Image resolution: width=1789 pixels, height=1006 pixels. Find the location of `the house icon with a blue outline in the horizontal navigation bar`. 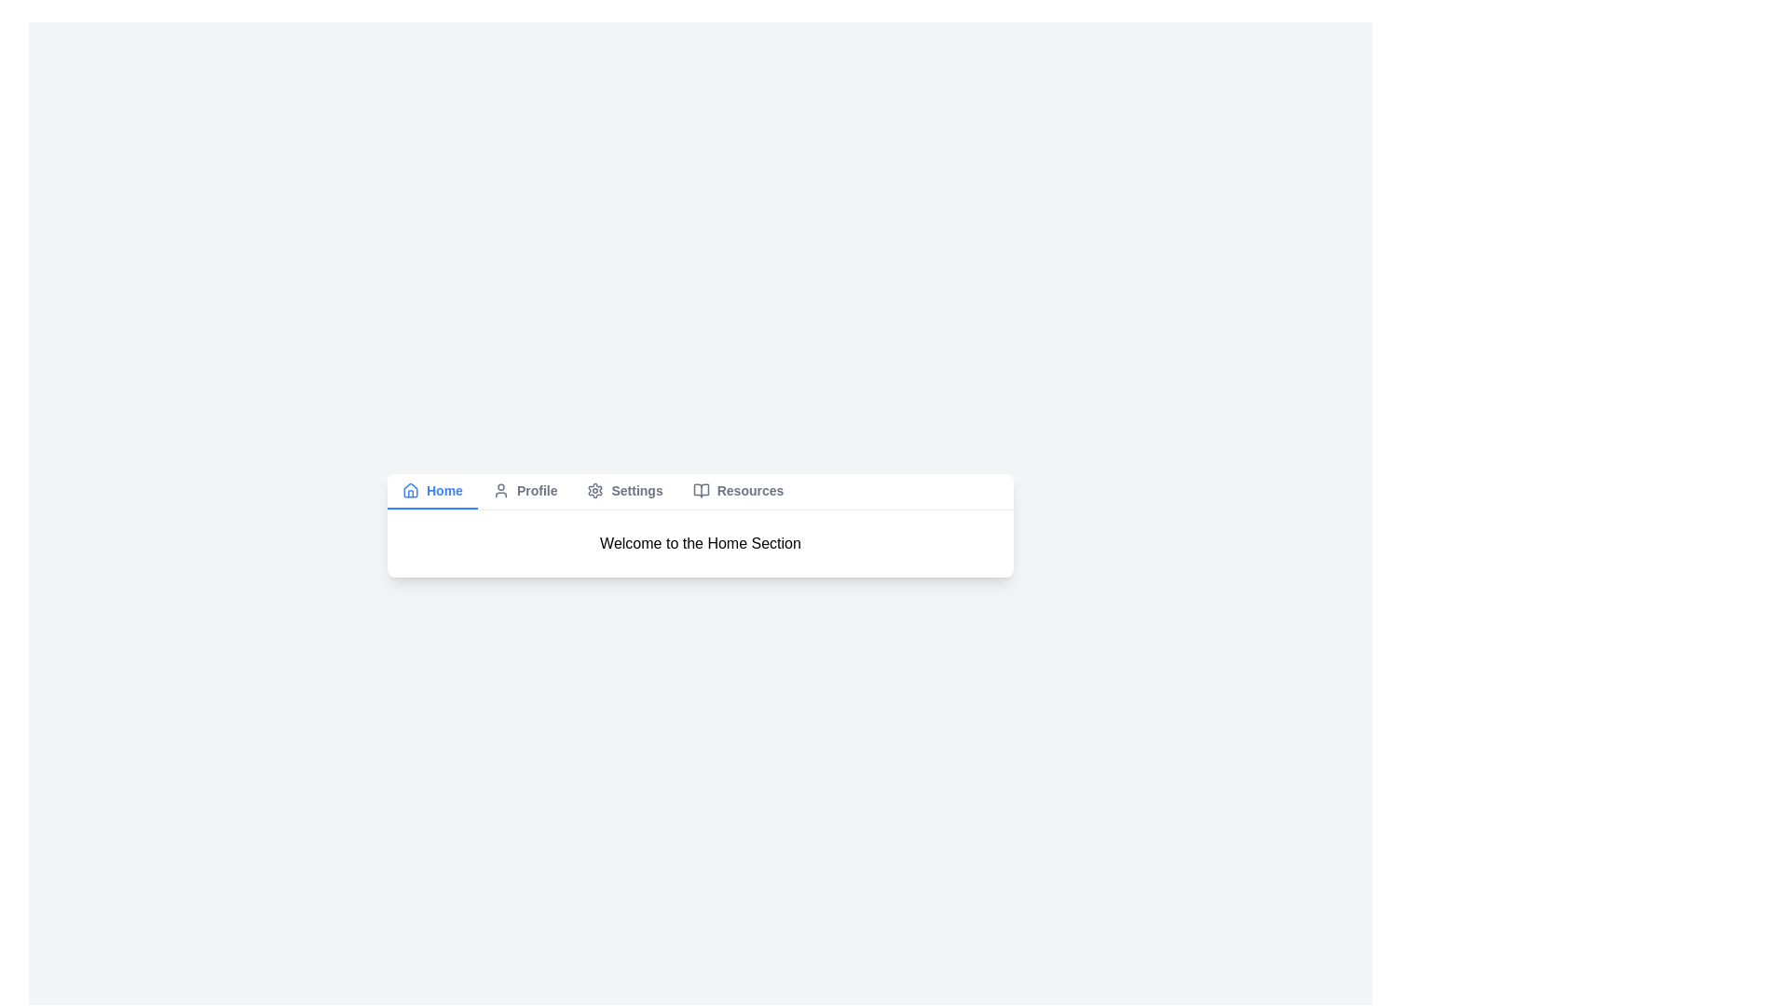

the house icon with a blue outline in the horizontal navigation bar is located at coordinates (410, 489).